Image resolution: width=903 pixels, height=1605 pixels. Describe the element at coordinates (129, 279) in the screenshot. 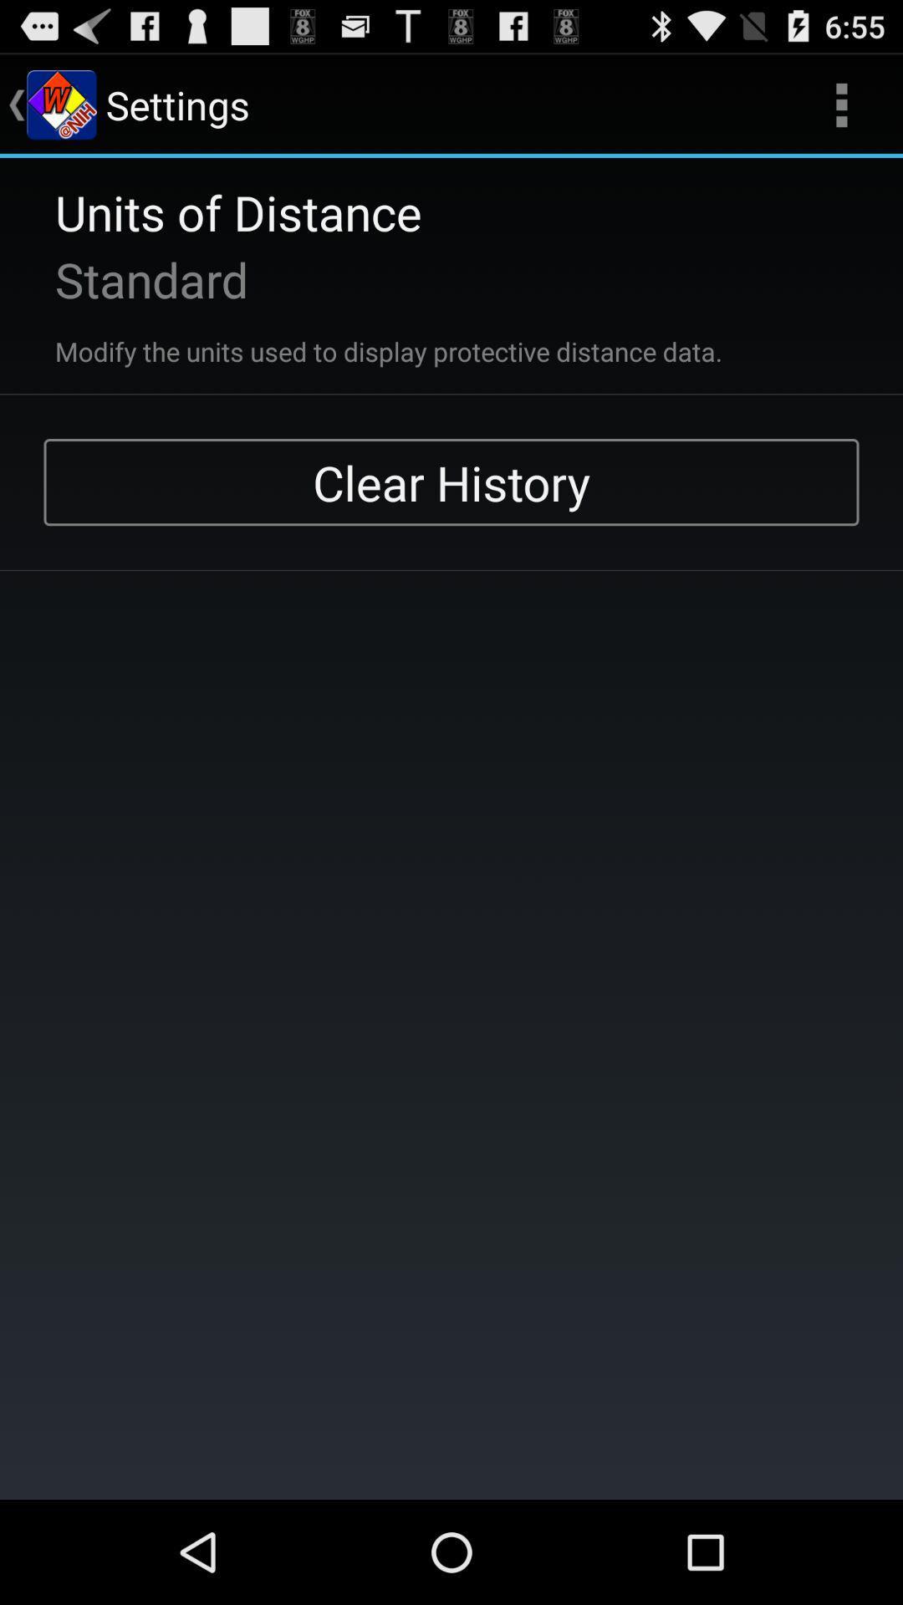

I see `standard` at that location.